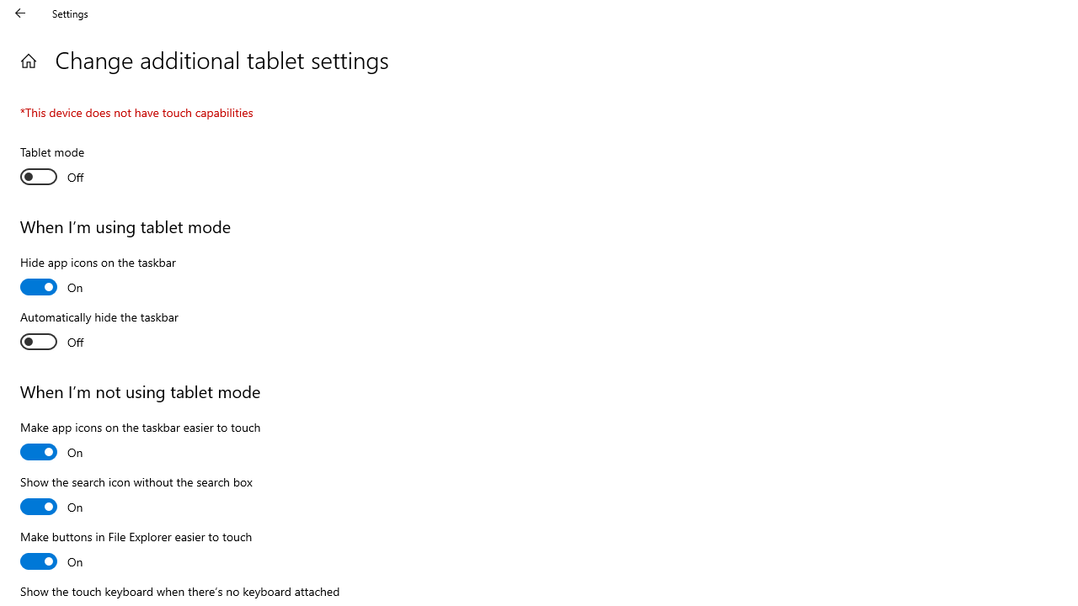 The width and height of the screenshot is (1078, 606). What do you see at coordinates (20, 13) in the screenshot?
I see `'Back'` at bounding box center [20, 13].